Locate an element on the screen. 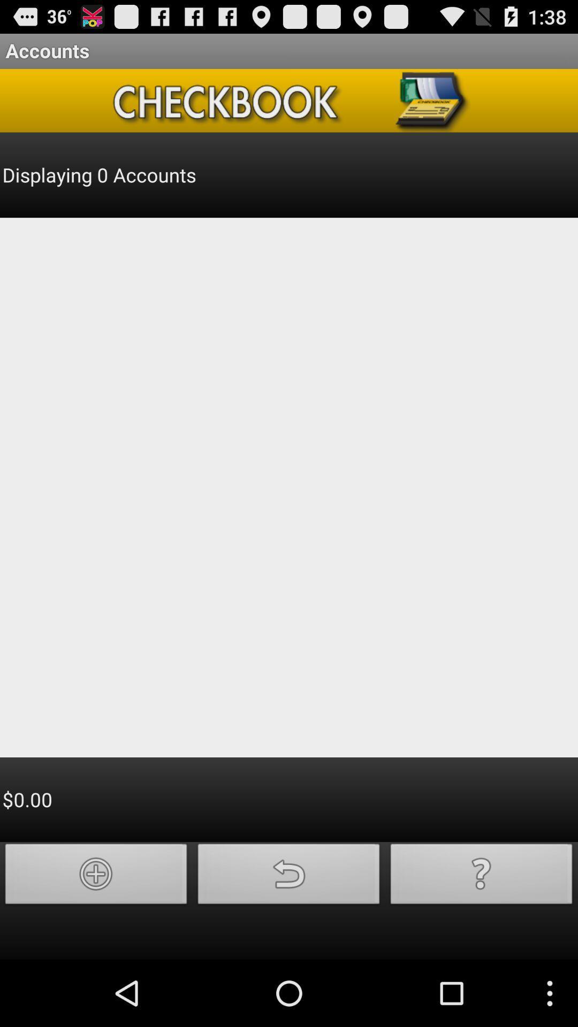 This screenshot has height=1027, width=578. new item is located at coordinates (96, 877).